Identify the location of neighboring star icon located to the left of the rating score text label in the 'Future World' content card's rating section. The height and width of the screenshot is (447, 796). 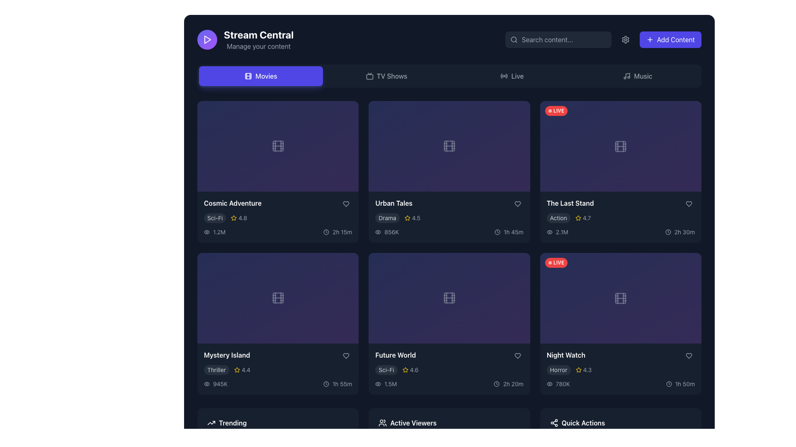
(410, 370).